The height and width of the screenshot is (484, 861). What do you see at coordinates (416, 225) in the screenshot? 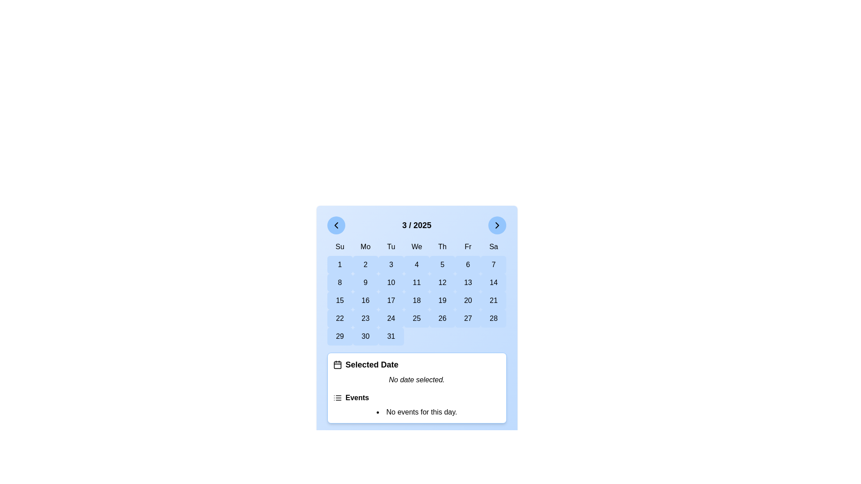
I see `the text display element that shows '3 / 2025' in bold, which is centered in the calendar UI header` at bounding box center [416, 225].